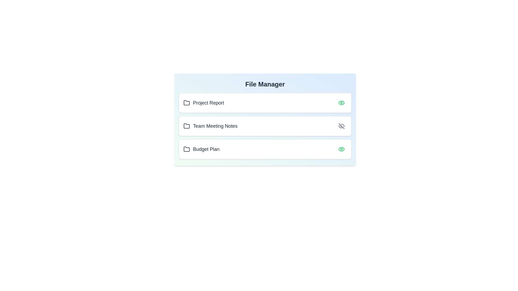  Describe the element at coordinates (186, 149) in the screenshot. I see `the folder icon for Budget Plan` at that location.